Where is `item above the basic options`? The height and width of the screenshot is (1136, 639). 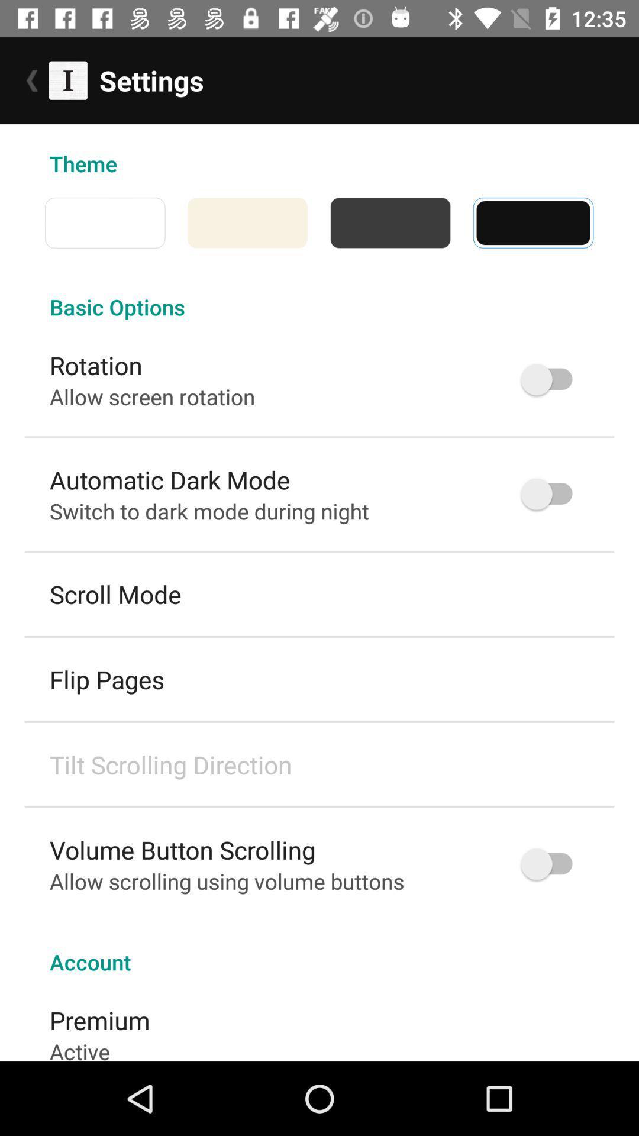 item above the basic options is located at coordinates (605, 222).